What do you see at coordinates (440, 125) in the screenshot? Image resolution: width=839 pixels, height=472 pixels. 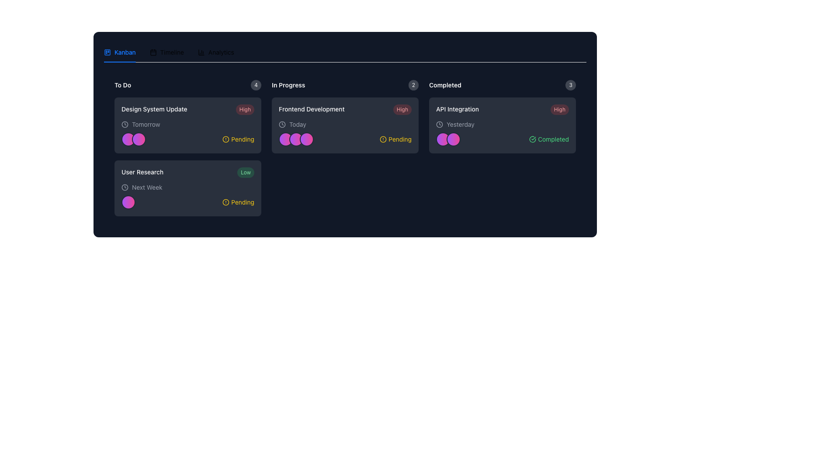 I see `circular SVG graphic element within the clock icon located in the 'Completed' card, beneath the 'API Integration' title and next to 'Yesterday'` at bounding box center [440, 125].